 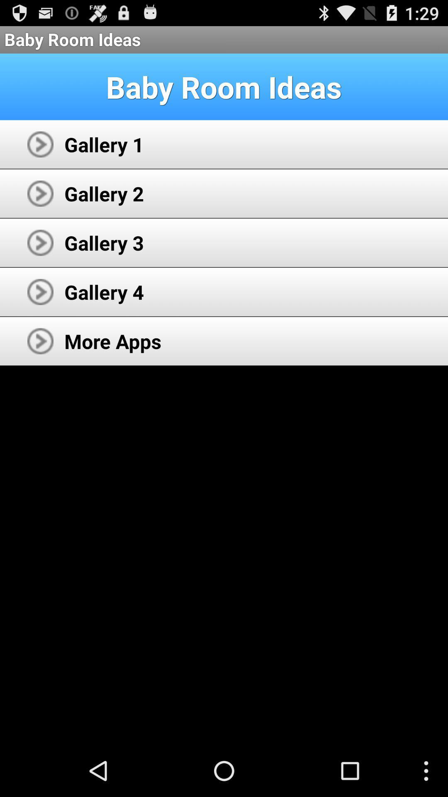 I want to click on app above gallery 4, so click(x=104, y=242).